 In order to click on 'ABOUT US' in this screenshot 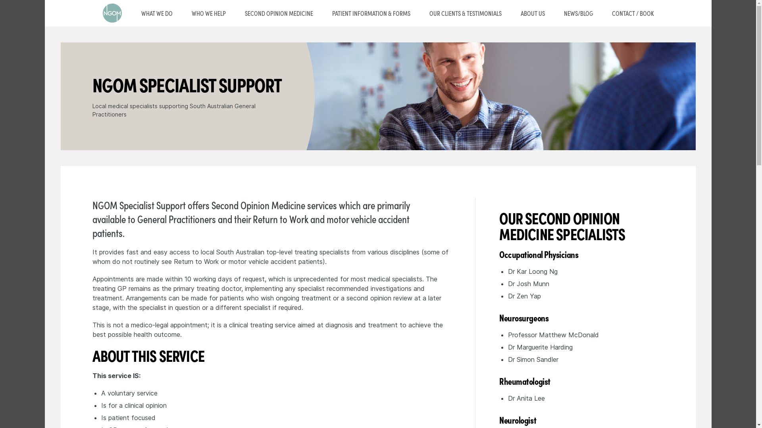, I will do `click(533, 13)`.